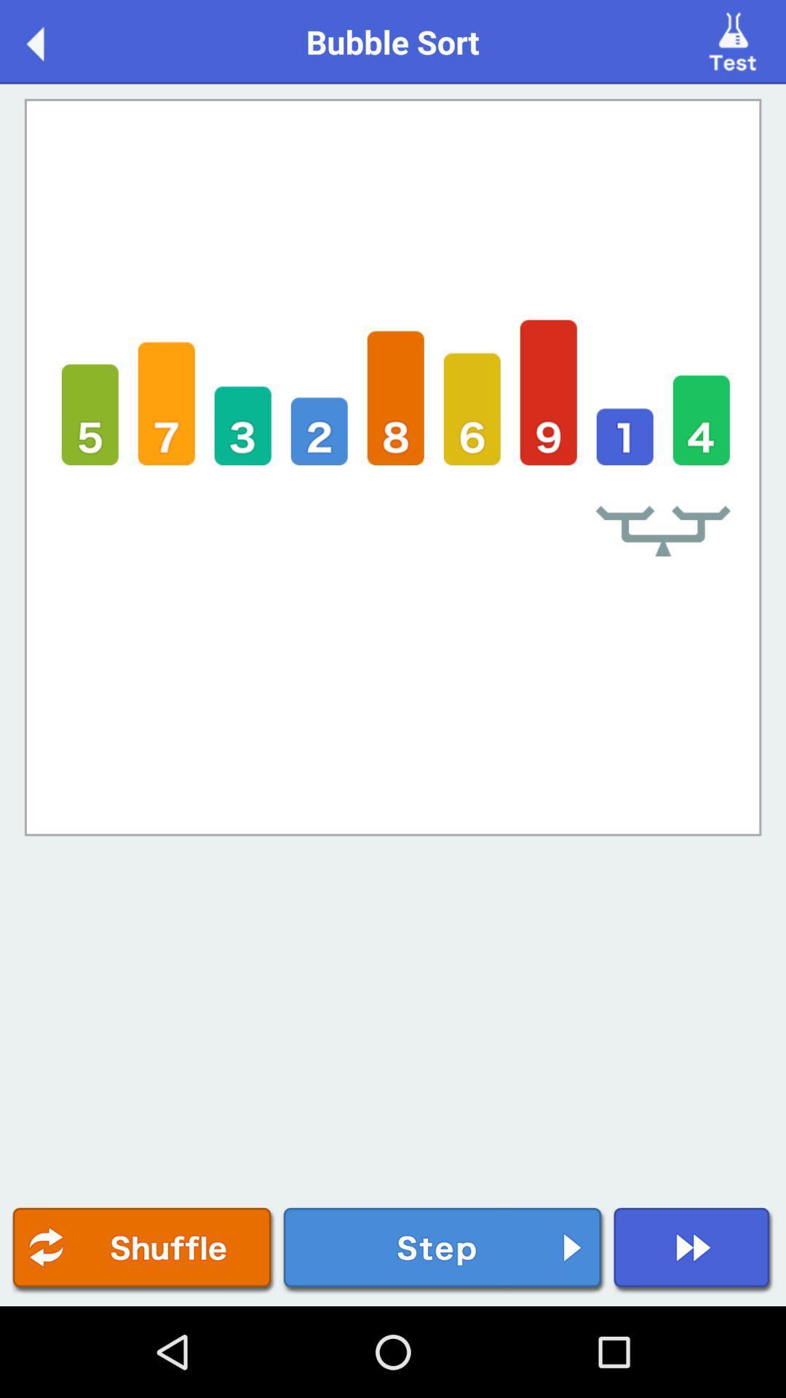  I want to click on shuffle button, so click(143, 1249).